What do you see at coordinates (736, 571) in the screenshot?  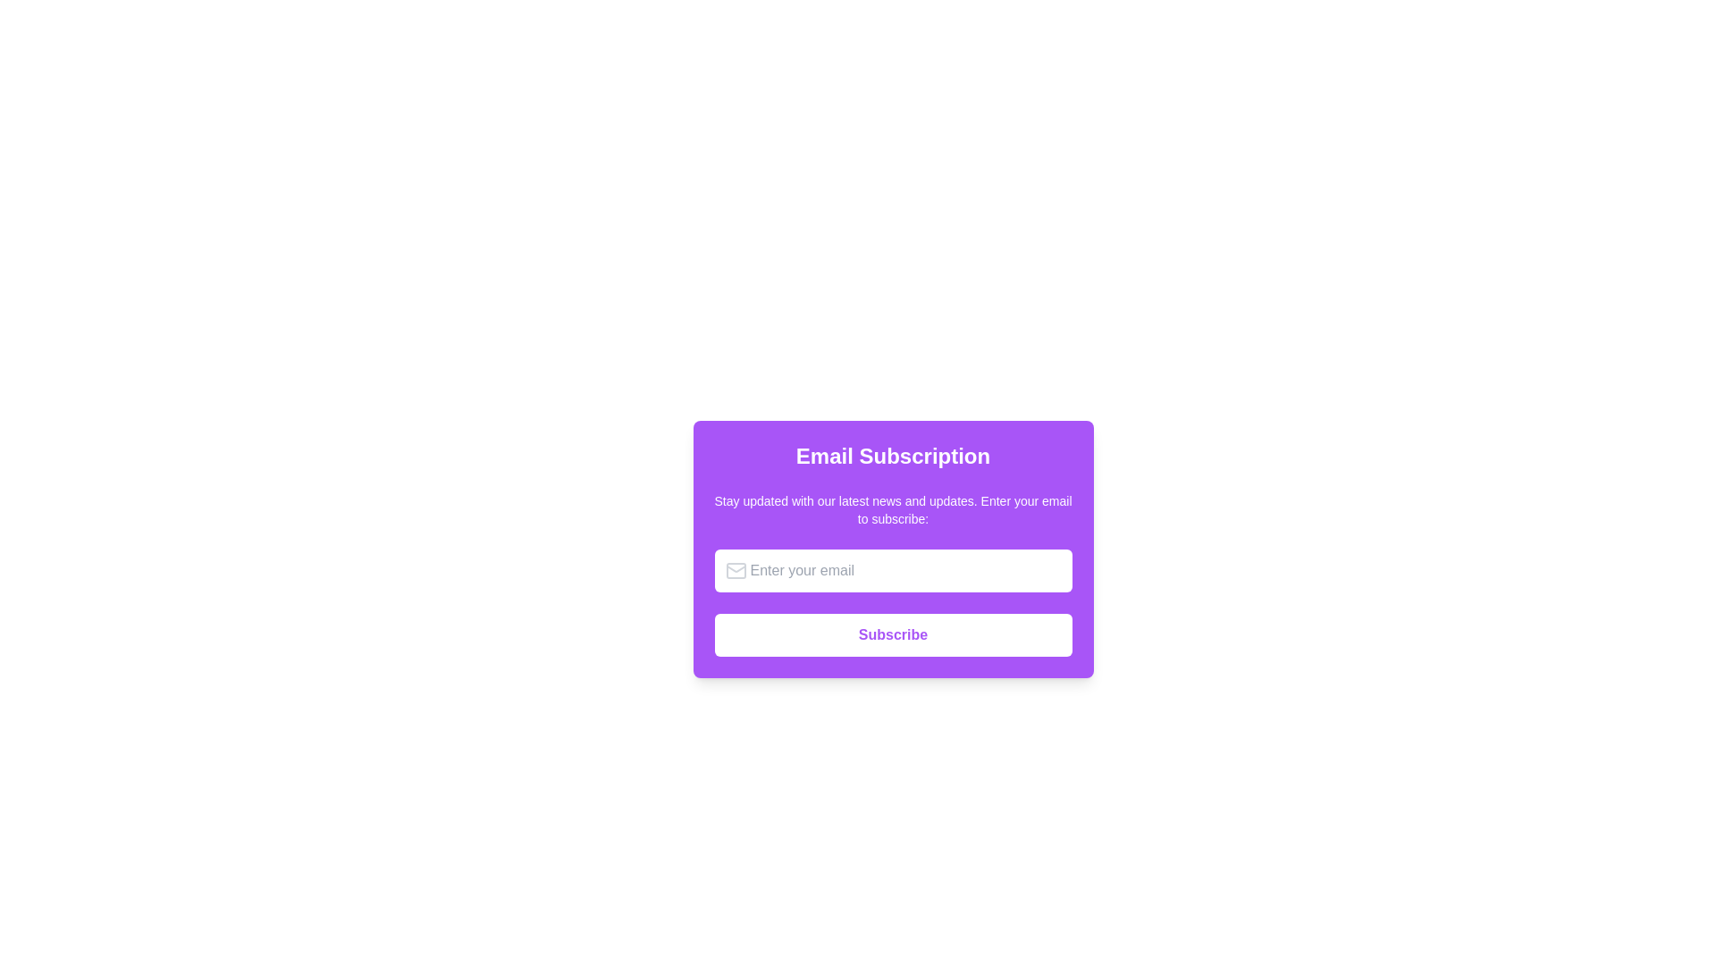 I see `envelope icon located to the left of the email input field, which has a gray outline` at bounding box center [736, 571].